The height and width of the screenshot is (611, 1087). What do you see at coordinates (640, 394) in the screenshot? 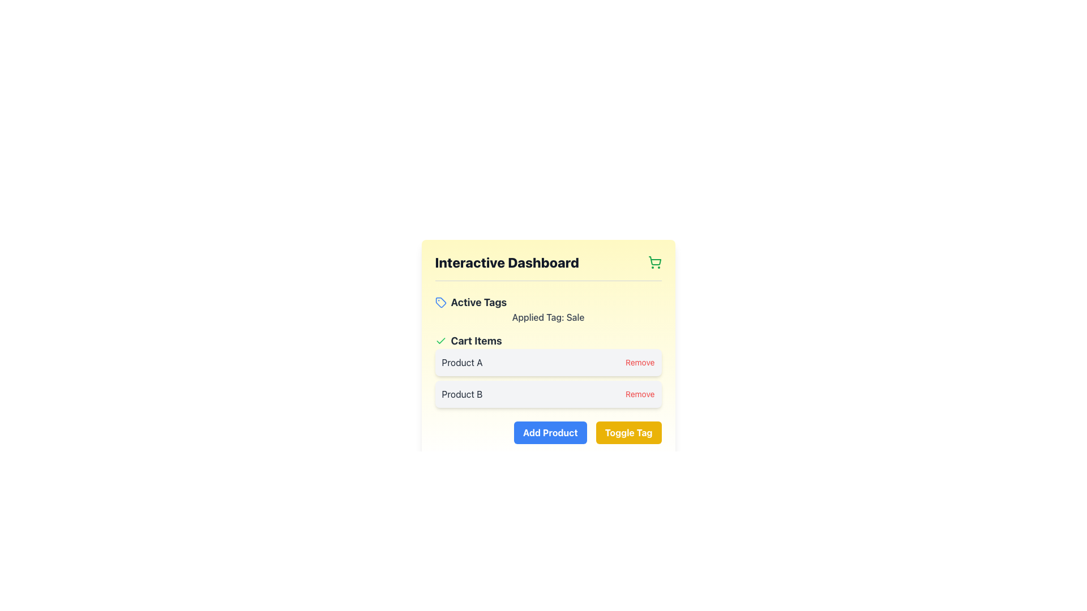
I see `the 'Remove' clickable text link located to the right of 'Product B' in the 'Cart Items' section` at bounding box center [640, 394].